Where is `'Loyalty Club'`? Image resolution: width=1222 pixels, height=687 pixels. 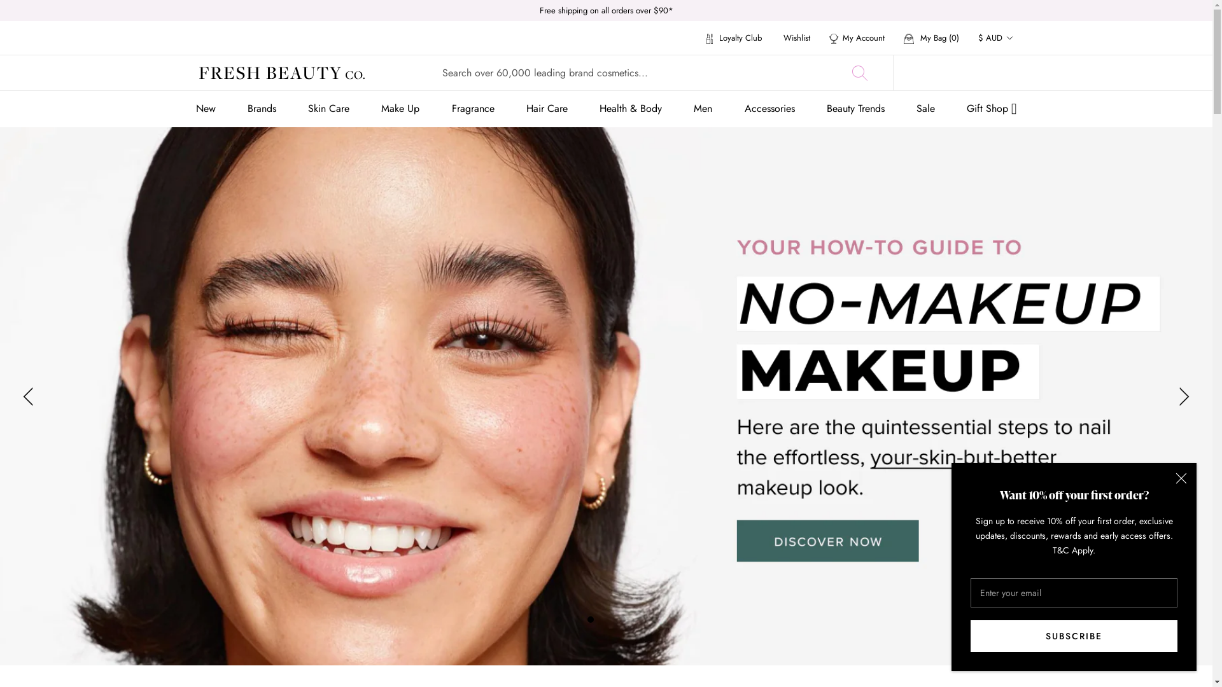 'Loyalty Club' is located at coordinates (734, 37).